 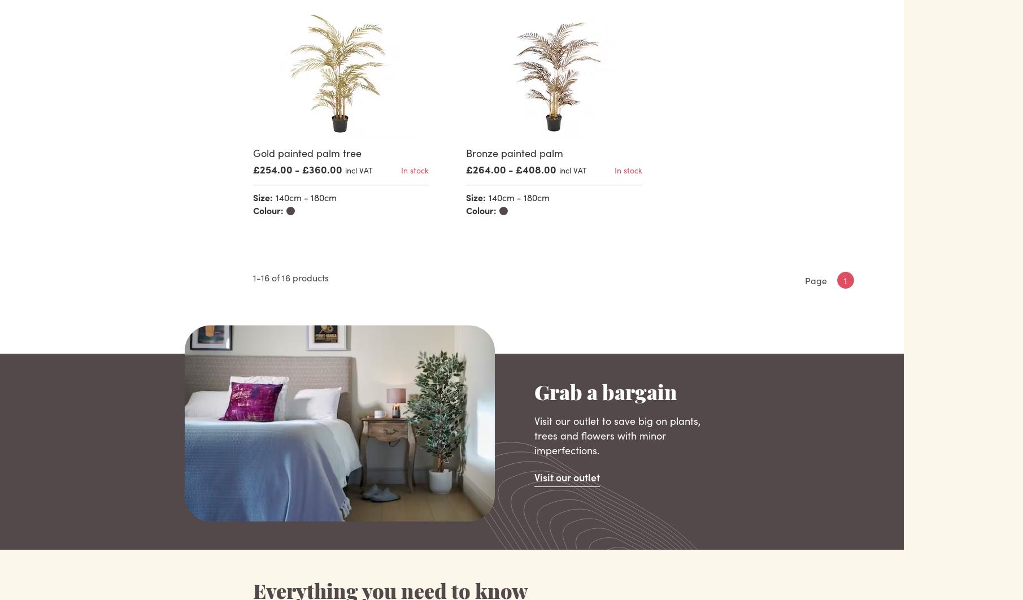 What do you see at coordinates (289, 276) in the screenshot?
I see `'1-16 of 16 products'` at bounding box center [289, 276].